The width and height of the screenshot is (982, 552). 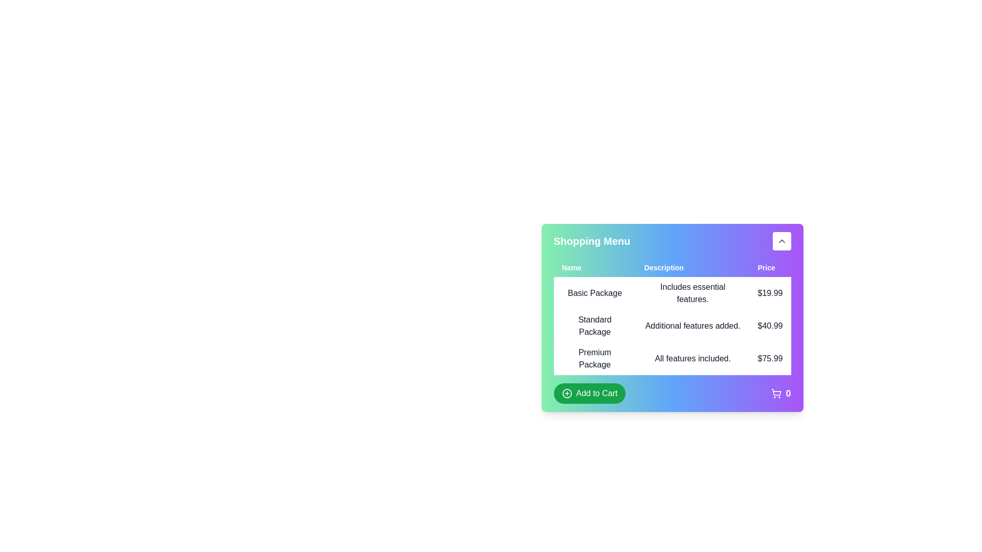 What do you see at coordinates (693, 358) in the screenshot?
I see `the static text element displaying 'All features included.' which is positioned between 'Premium Package' and '$75.99'` at bounding box center [693, 358].